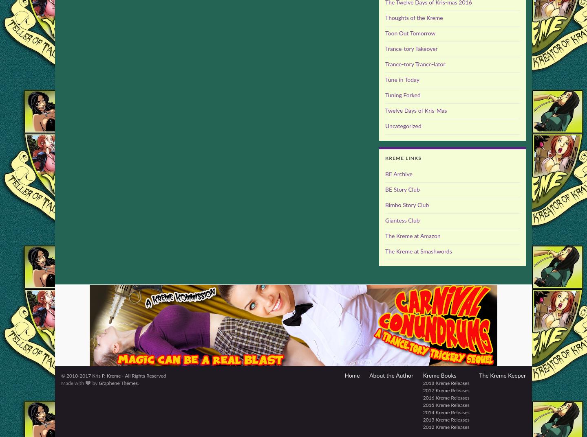  Describe the element at coordinates (398, 174) in the screenshot. I see `'BE Archive'` at that location.